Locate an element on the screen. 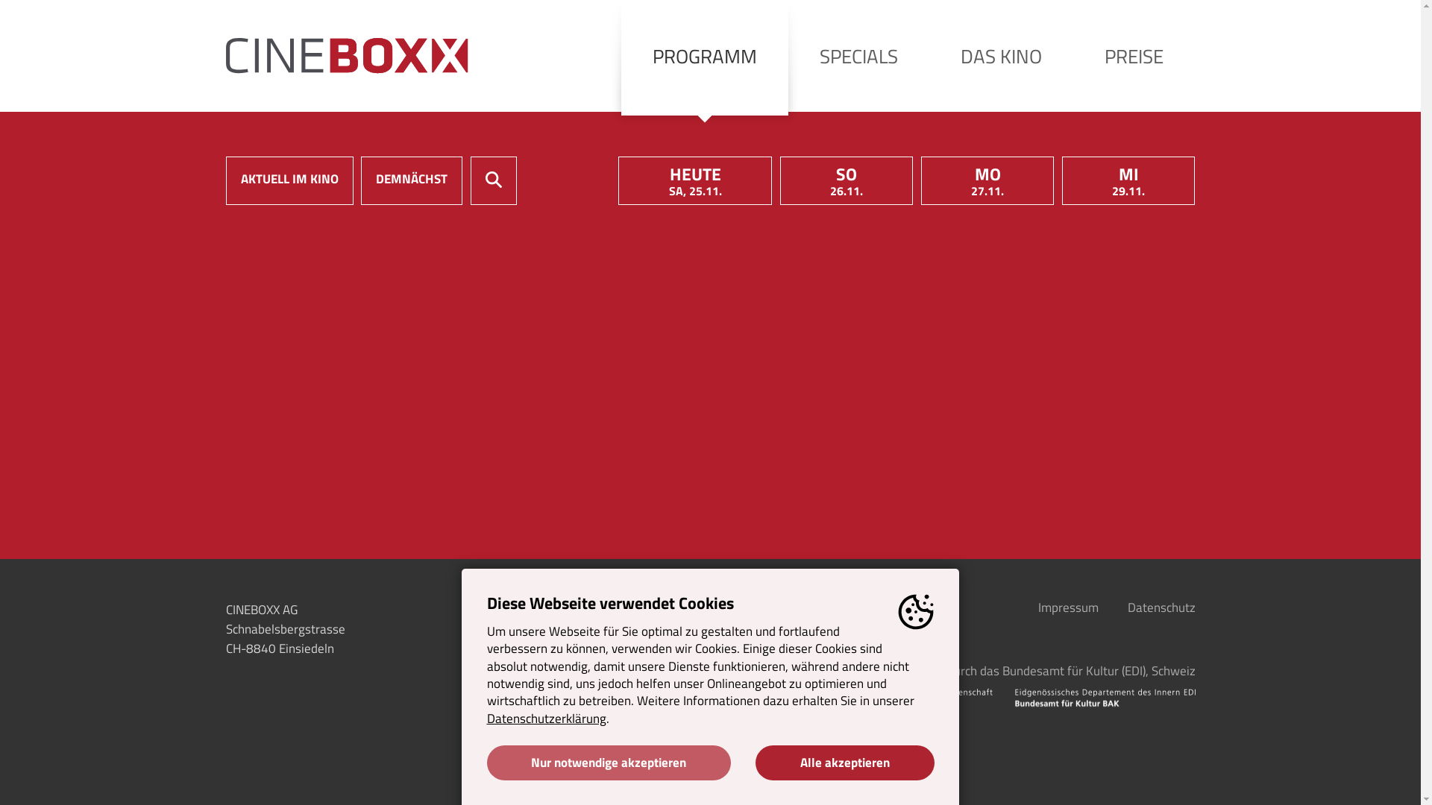 Image resolution: width=1432 pixels, height=805 pixels. 'Impressum' is located at coordinates (1037, 607).